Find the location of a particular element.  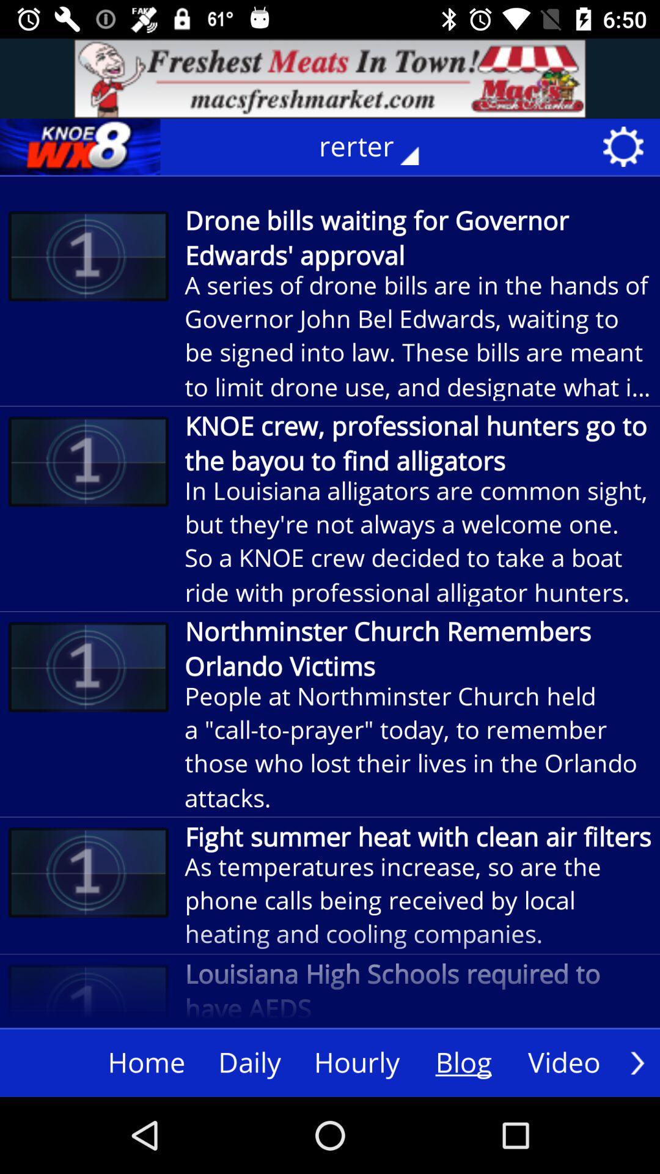

the arrow_forward icon is located at coordinates (637, 1062).